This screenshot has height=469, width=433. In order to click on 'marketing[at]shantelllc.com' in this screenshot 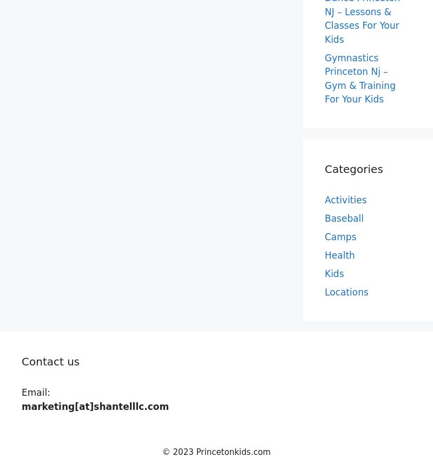, I will do `click(95, 406)`.